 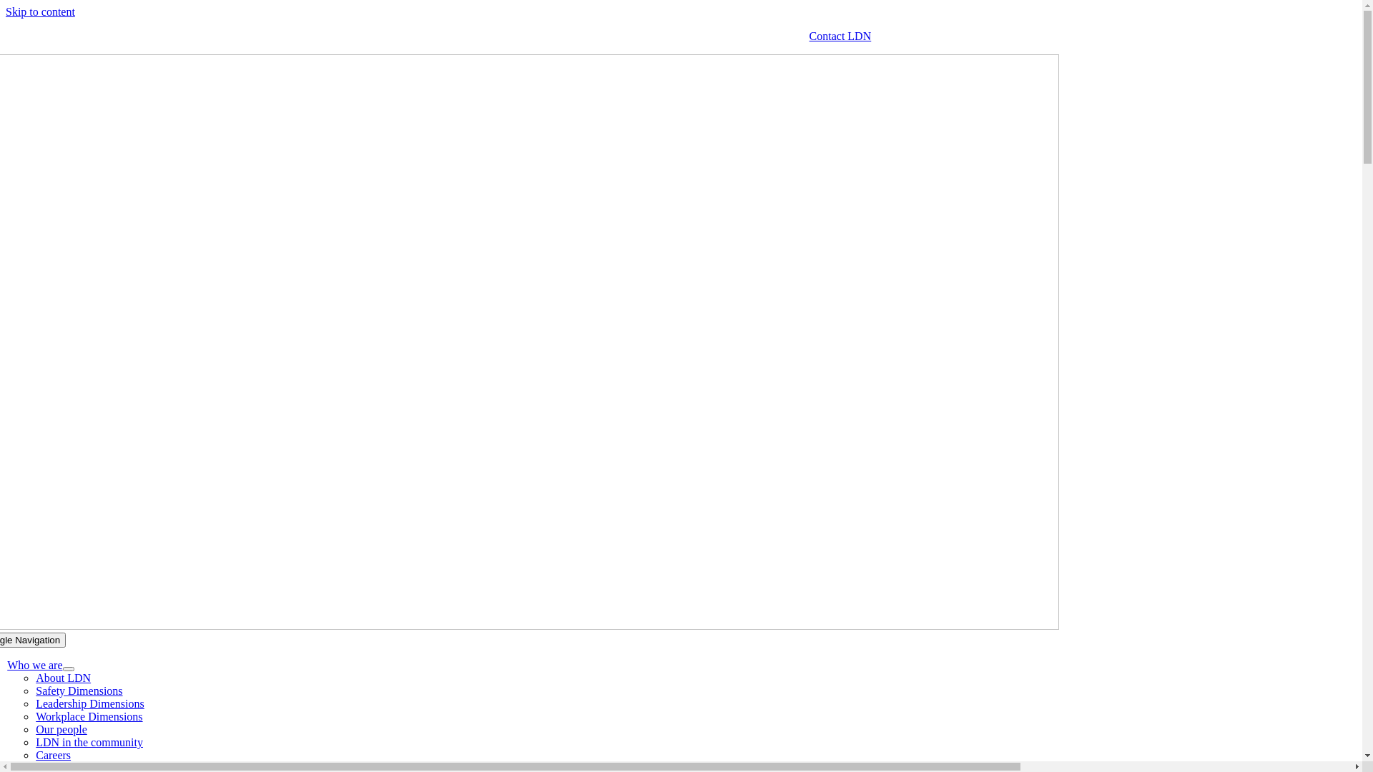 What do you see at coordinates (34, 665) in the screenshot?
I see `'Who we are'` at bounding box center [34, 665].